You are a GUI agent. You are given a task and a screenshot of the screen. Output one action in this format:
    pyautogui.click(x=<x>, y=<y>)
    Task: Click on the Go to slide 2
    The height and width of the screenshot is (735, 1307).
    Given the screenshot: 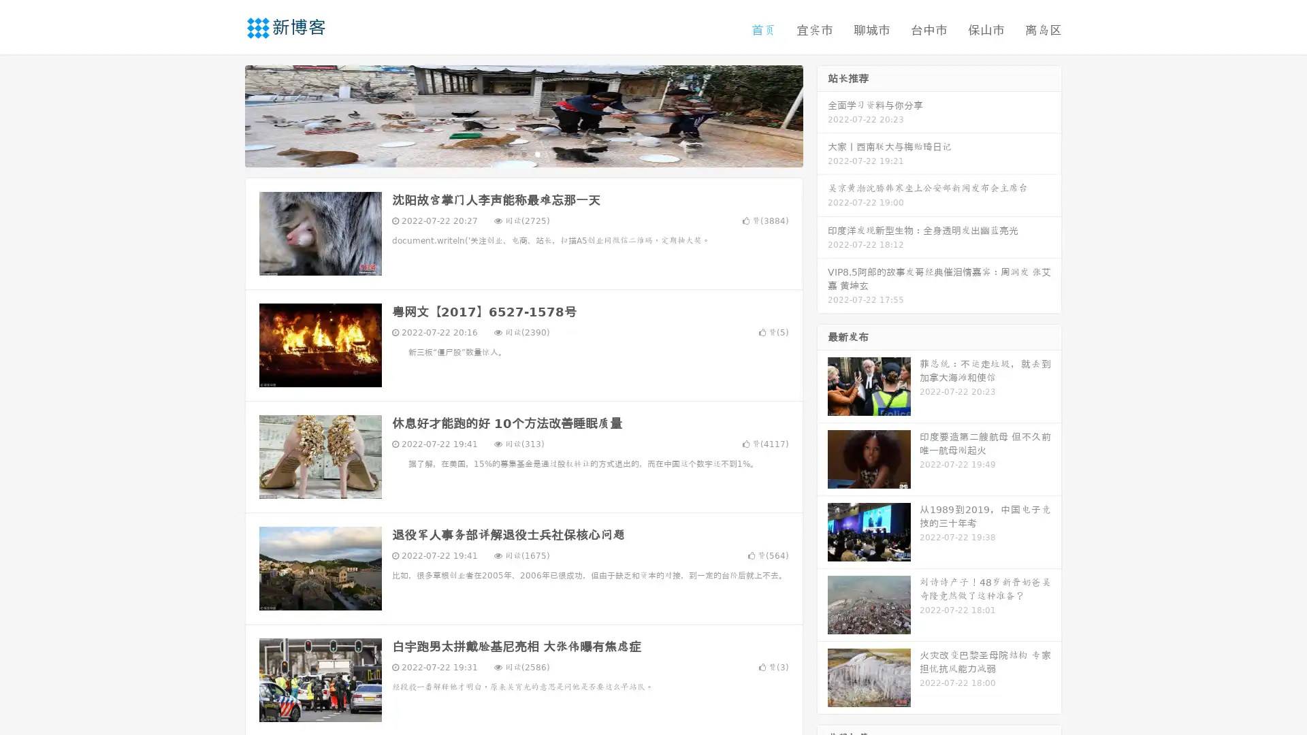 What is the action you would take?
    pyautogui.click(x=523, y=153)
    